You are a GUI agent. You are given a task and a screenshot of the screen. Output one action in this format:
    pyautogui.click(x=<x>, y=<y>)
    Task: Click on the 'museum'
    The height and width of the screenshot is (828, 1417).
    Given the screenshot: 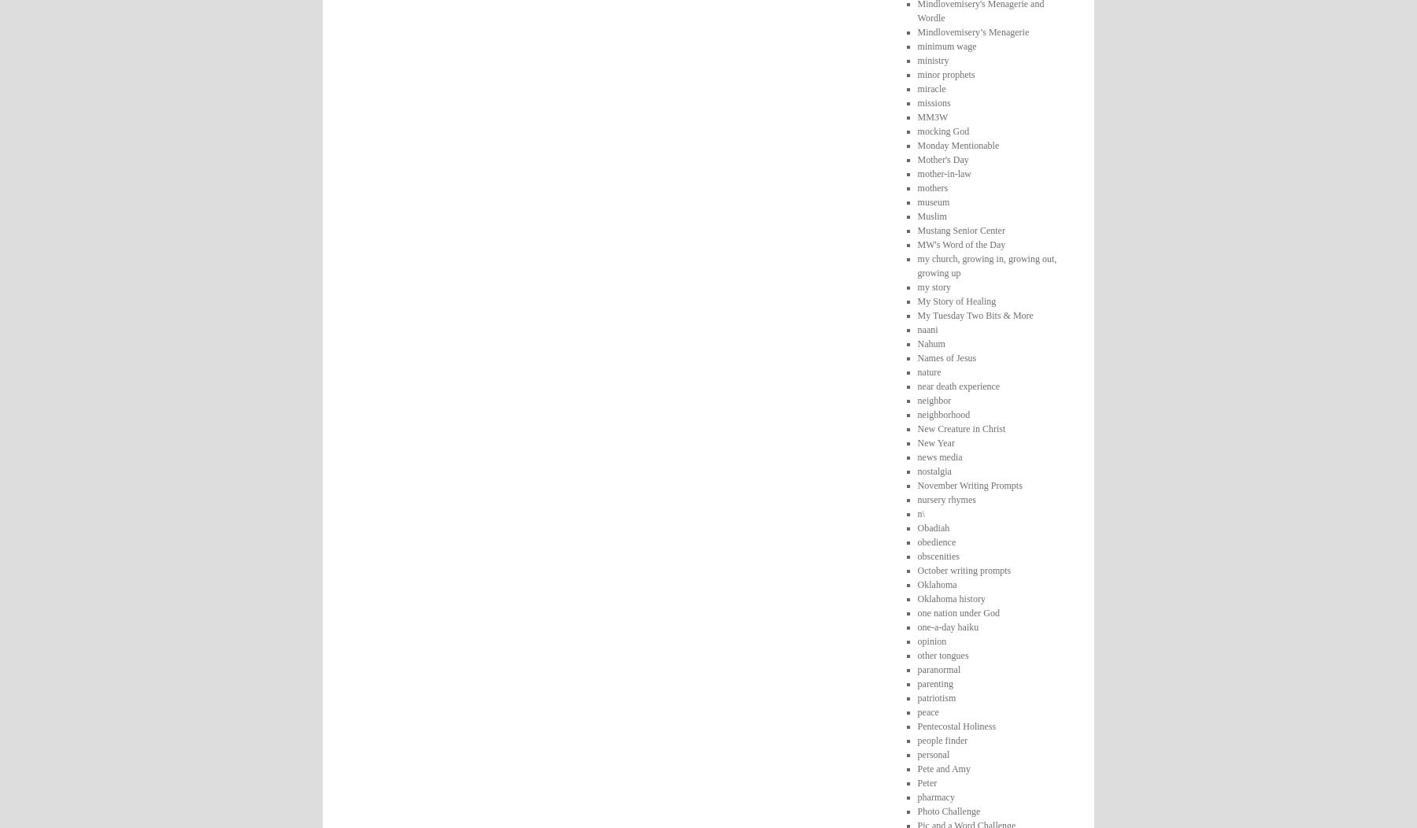 What is the action you would take?
    pyautogui.click(x=932, y=200)
    